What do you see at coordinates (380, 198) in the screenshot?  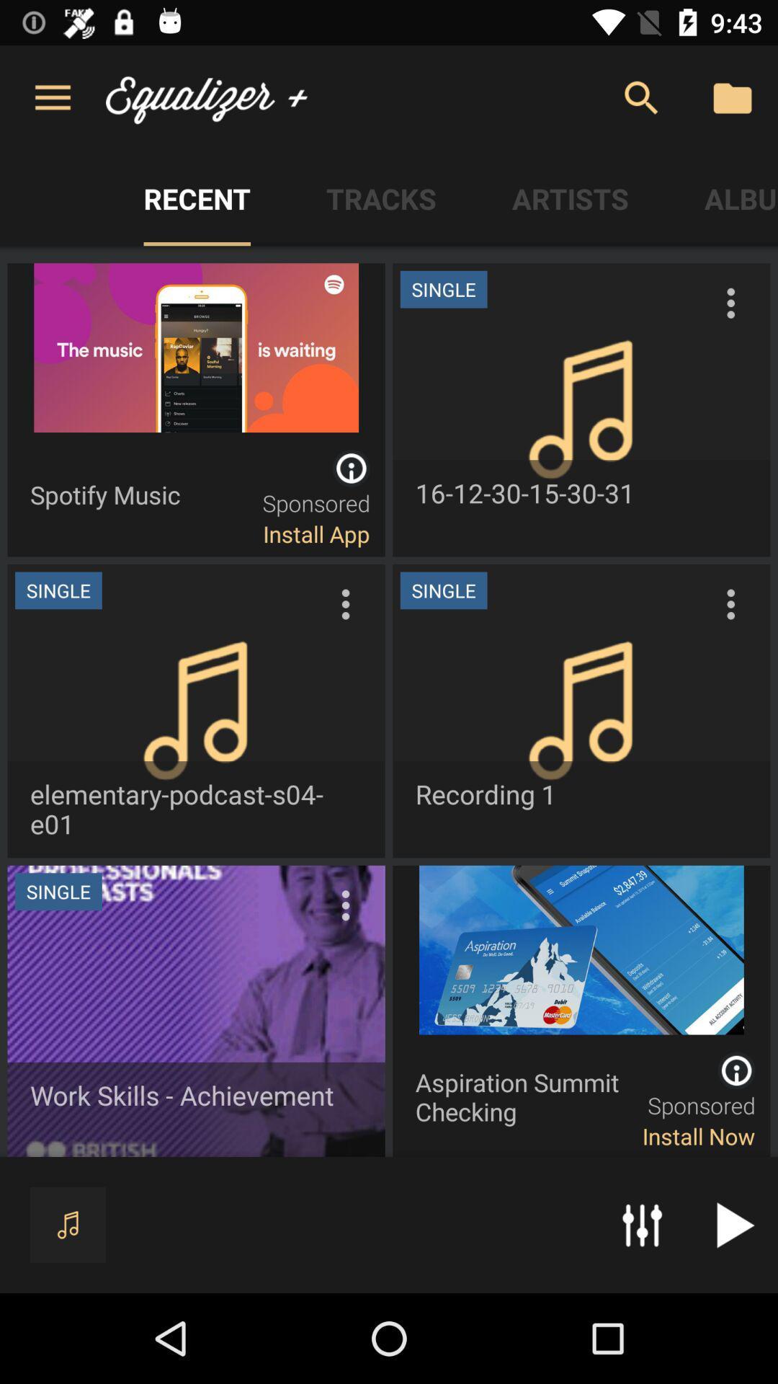 I see `the tab tracks on the web page` at bounding box center [380, 198].